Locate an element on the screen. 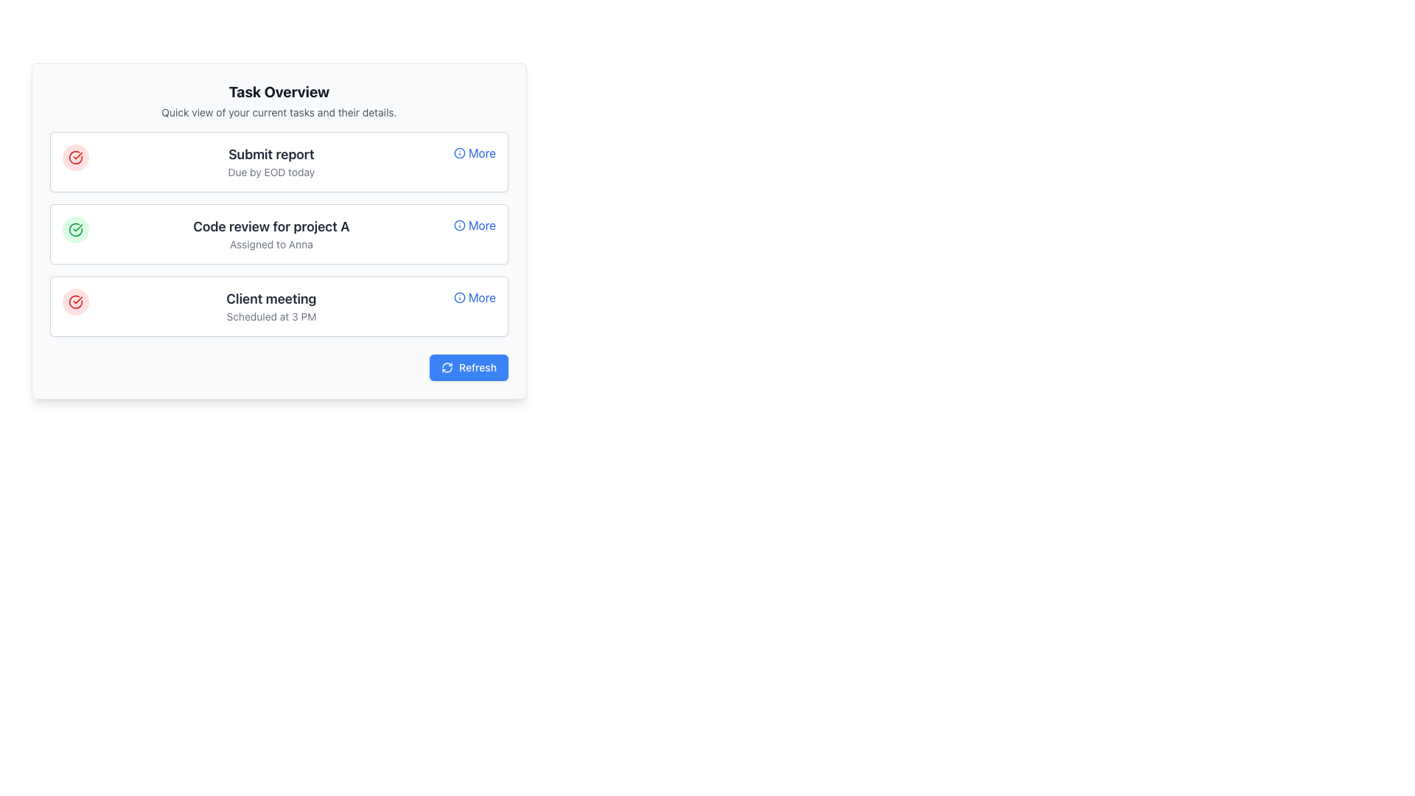  the text label next to the information icon within the 'Code review for project A' task section is located at coordinates (482, 225).